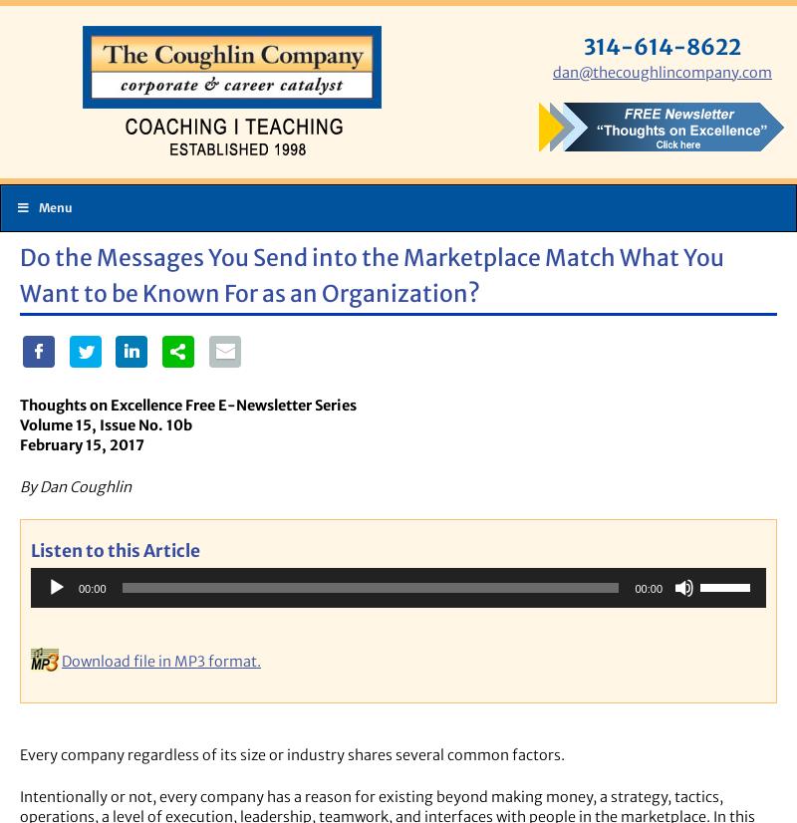  What do you see at coordinates (662, 72) in the screenshot?
I see `'dan@thecoughlincompany.com'` at bounding box center [662, 72].